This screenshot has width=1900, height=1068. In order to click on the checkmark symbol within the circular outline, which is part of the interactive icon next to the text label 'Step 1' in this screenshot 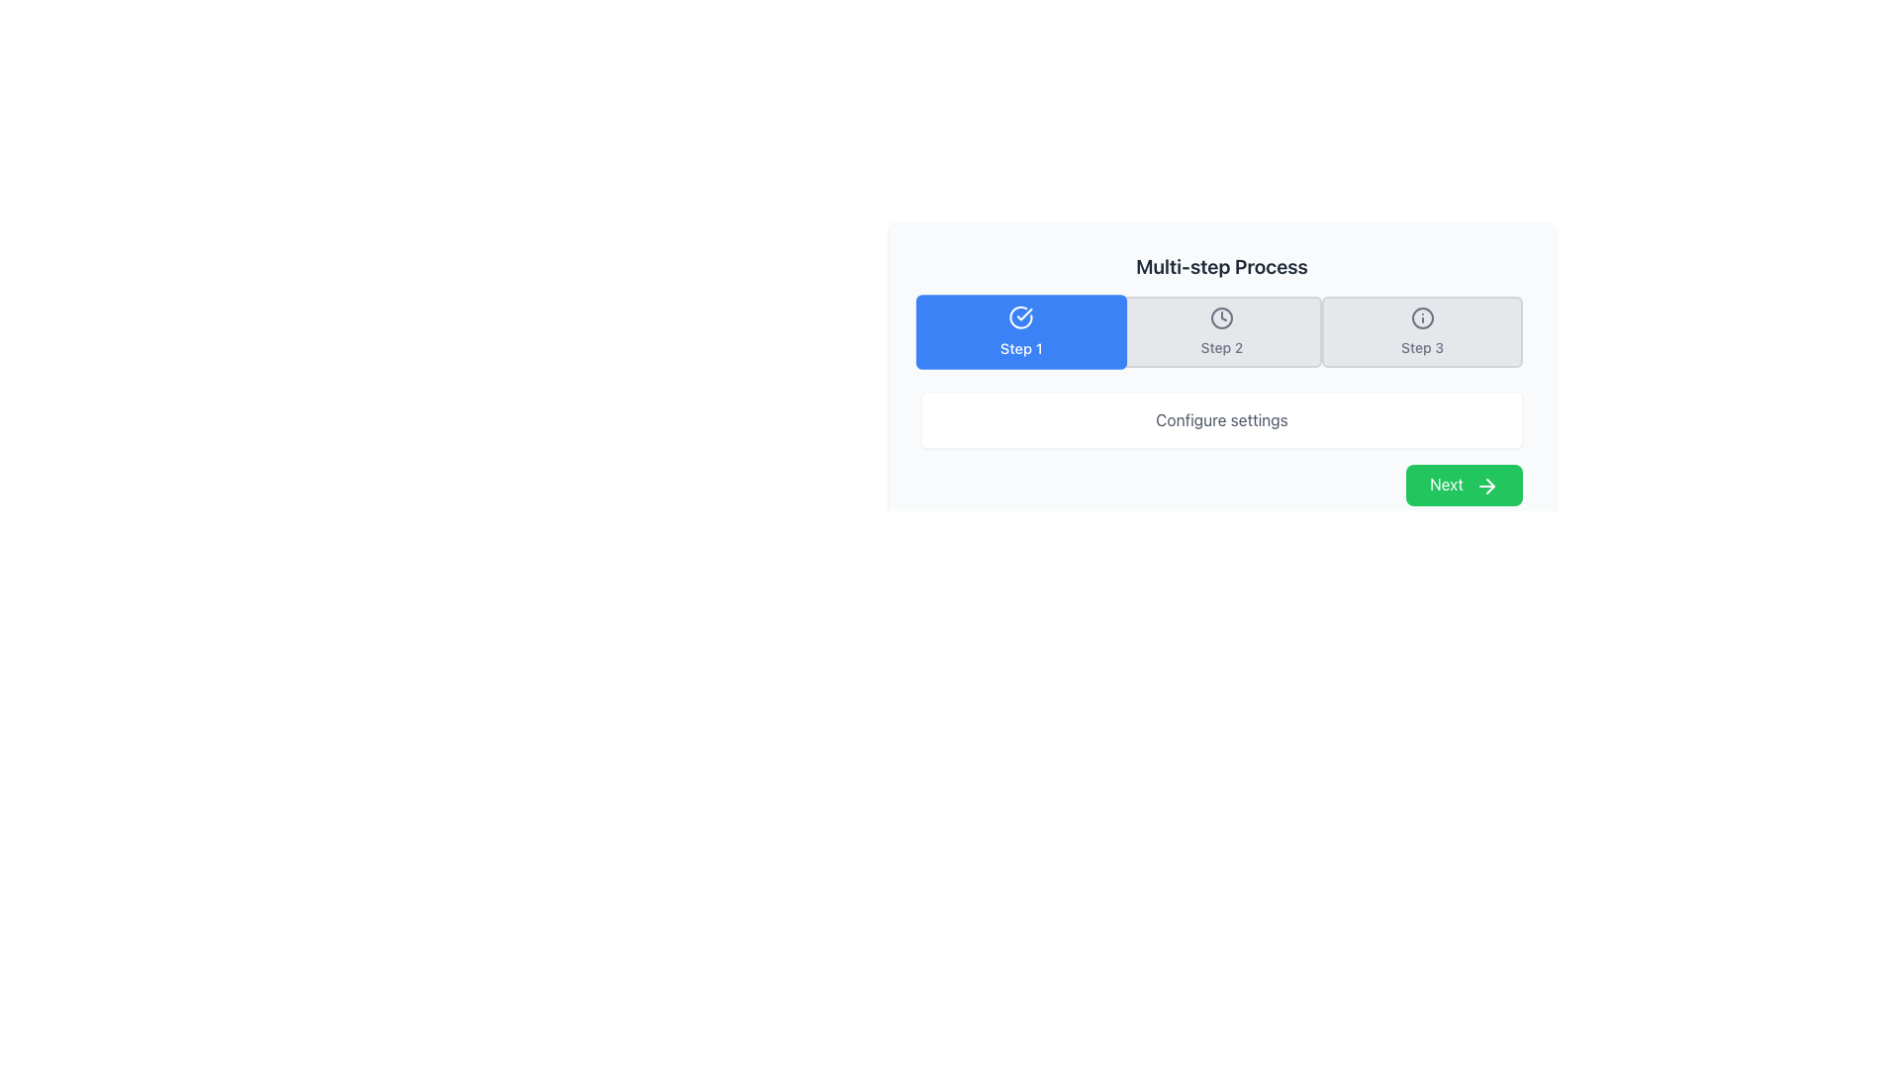, I will do `click(1025, 313)`.